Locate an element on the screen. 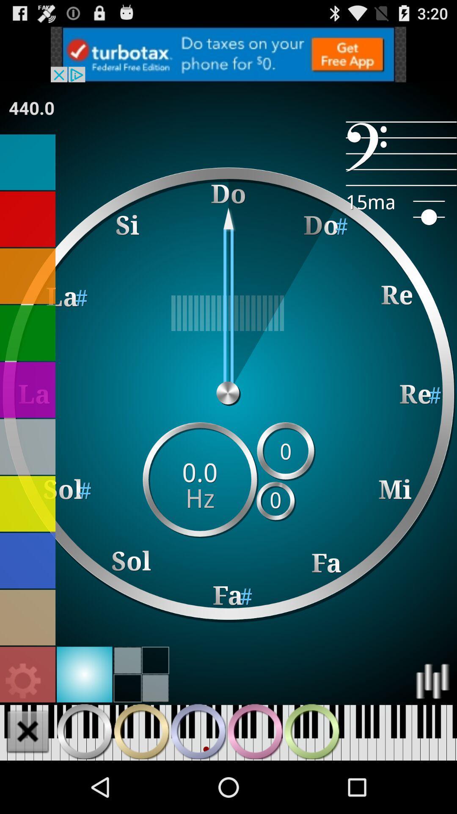  shows piano buttons is located at coordinates (198, 731).